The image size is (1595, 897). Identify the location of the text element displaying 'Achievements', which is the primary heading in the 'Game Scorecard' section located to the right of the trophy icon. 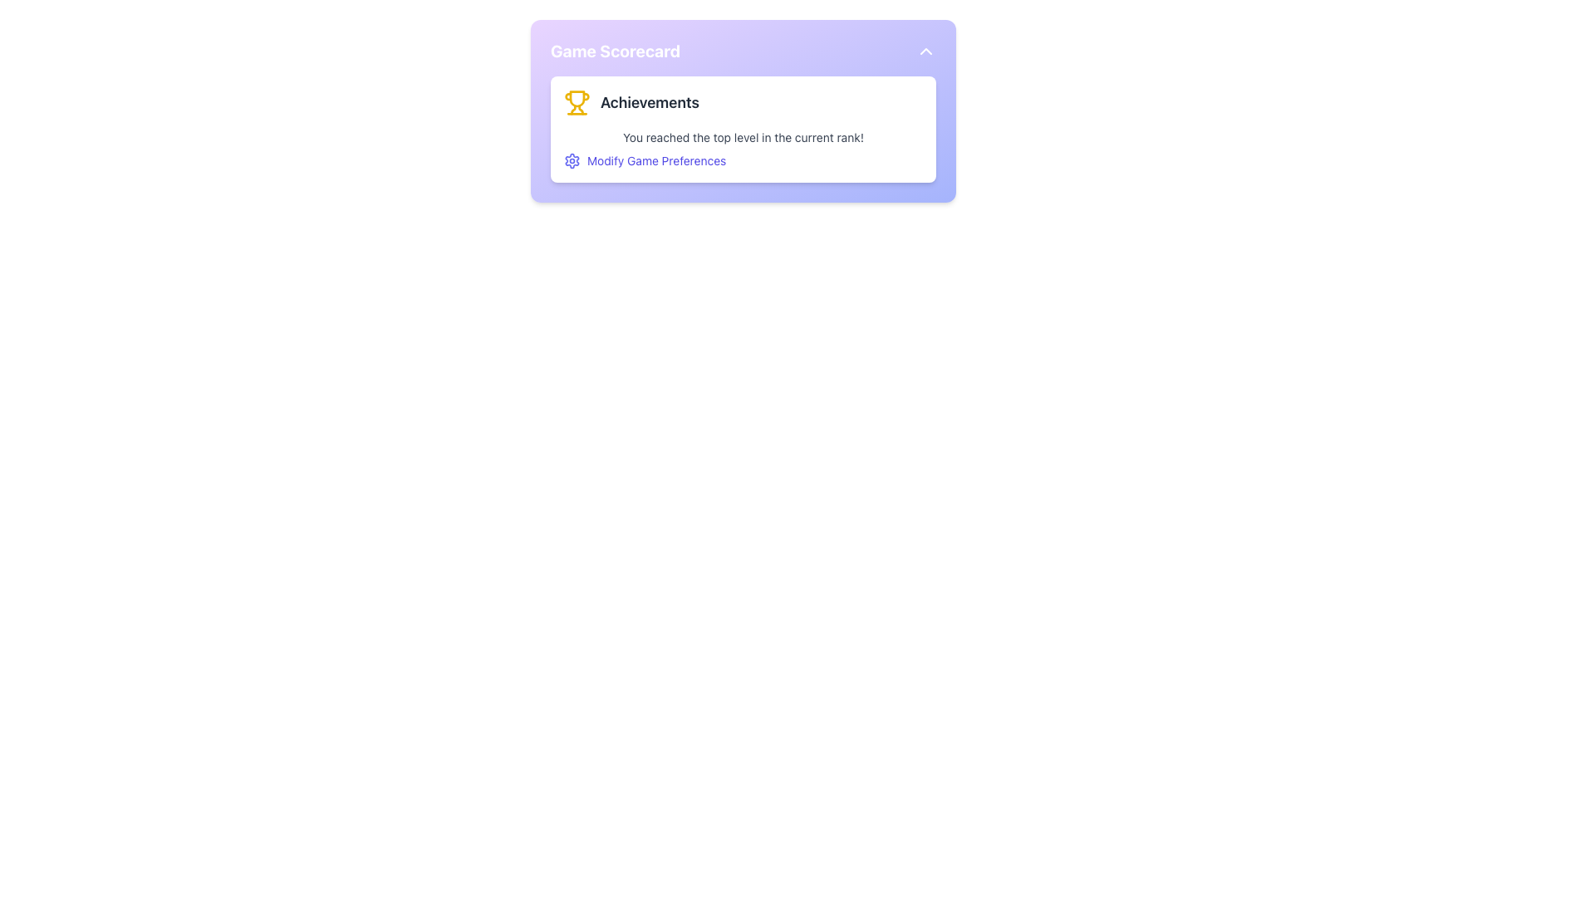
(649, 102).